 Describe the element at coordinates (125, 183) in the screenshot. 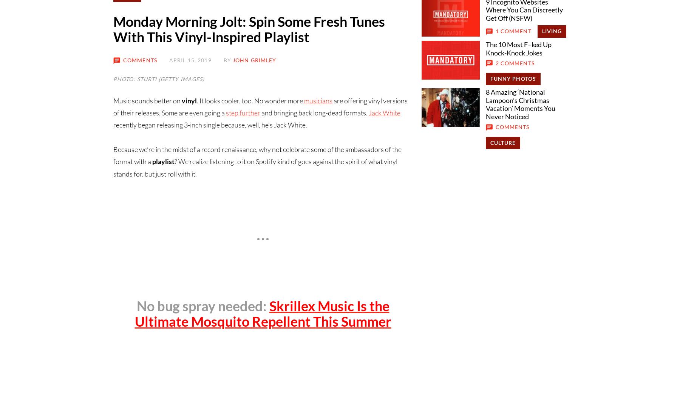

I see `'About Us'` at that location.